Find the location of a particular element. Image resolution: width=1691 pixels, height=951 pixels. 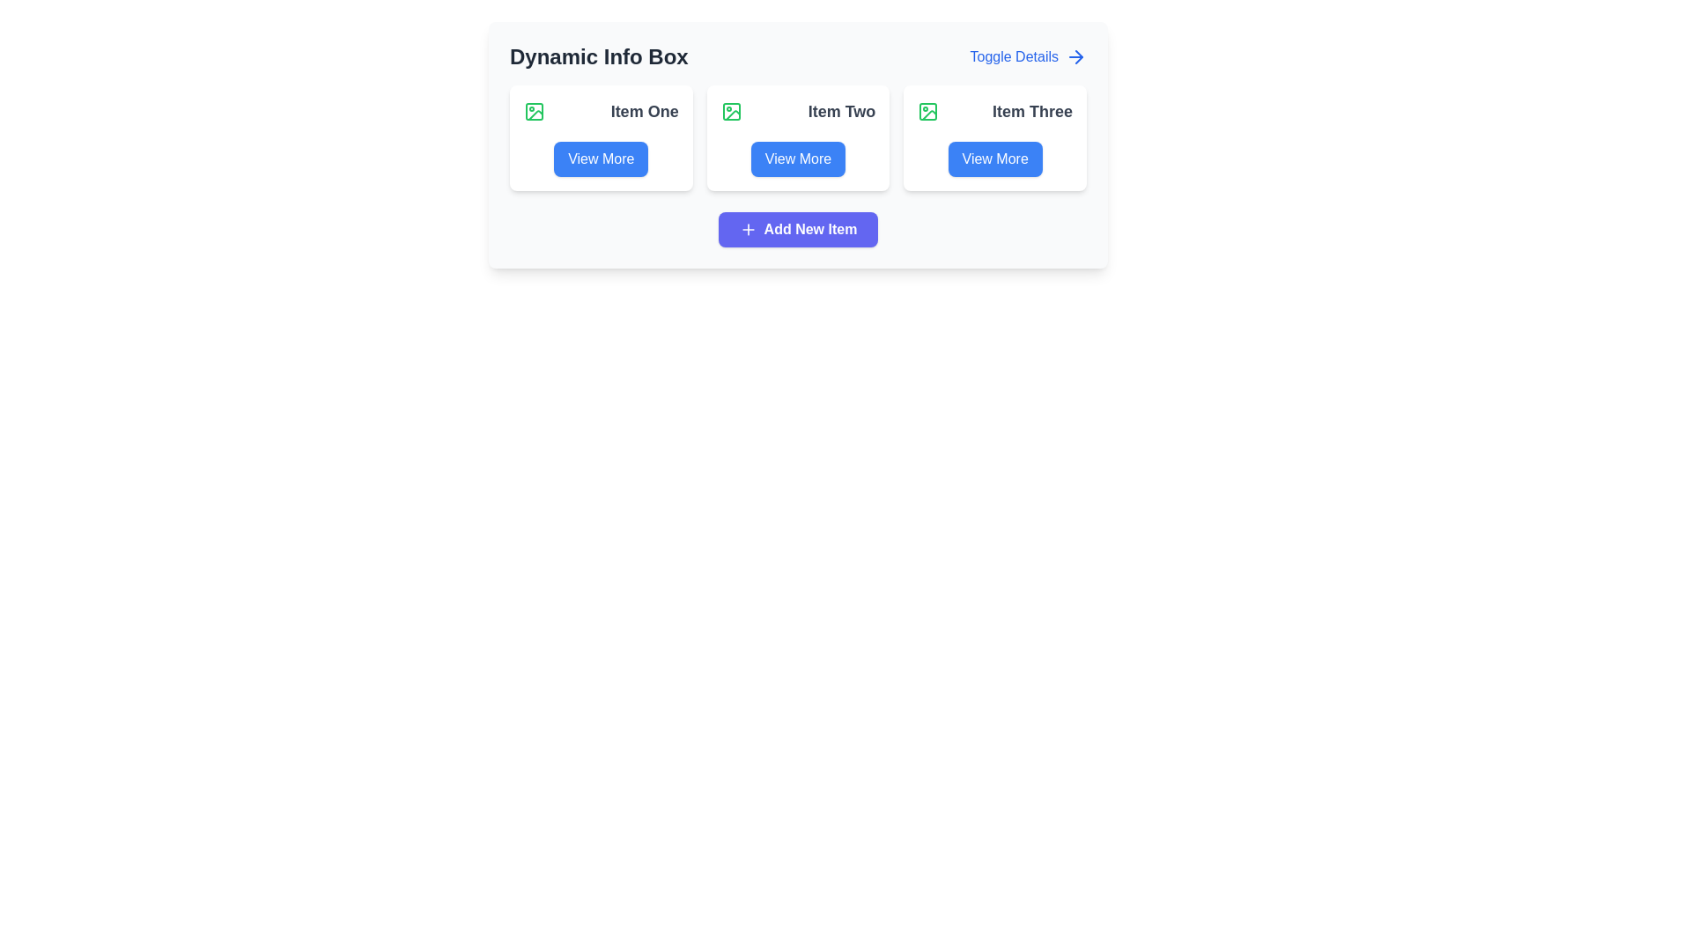

text label displaying the name or title of the card content located within the 'Item Three' box, positioned near the top and centered horizontally is located at coordinates (995, 112).